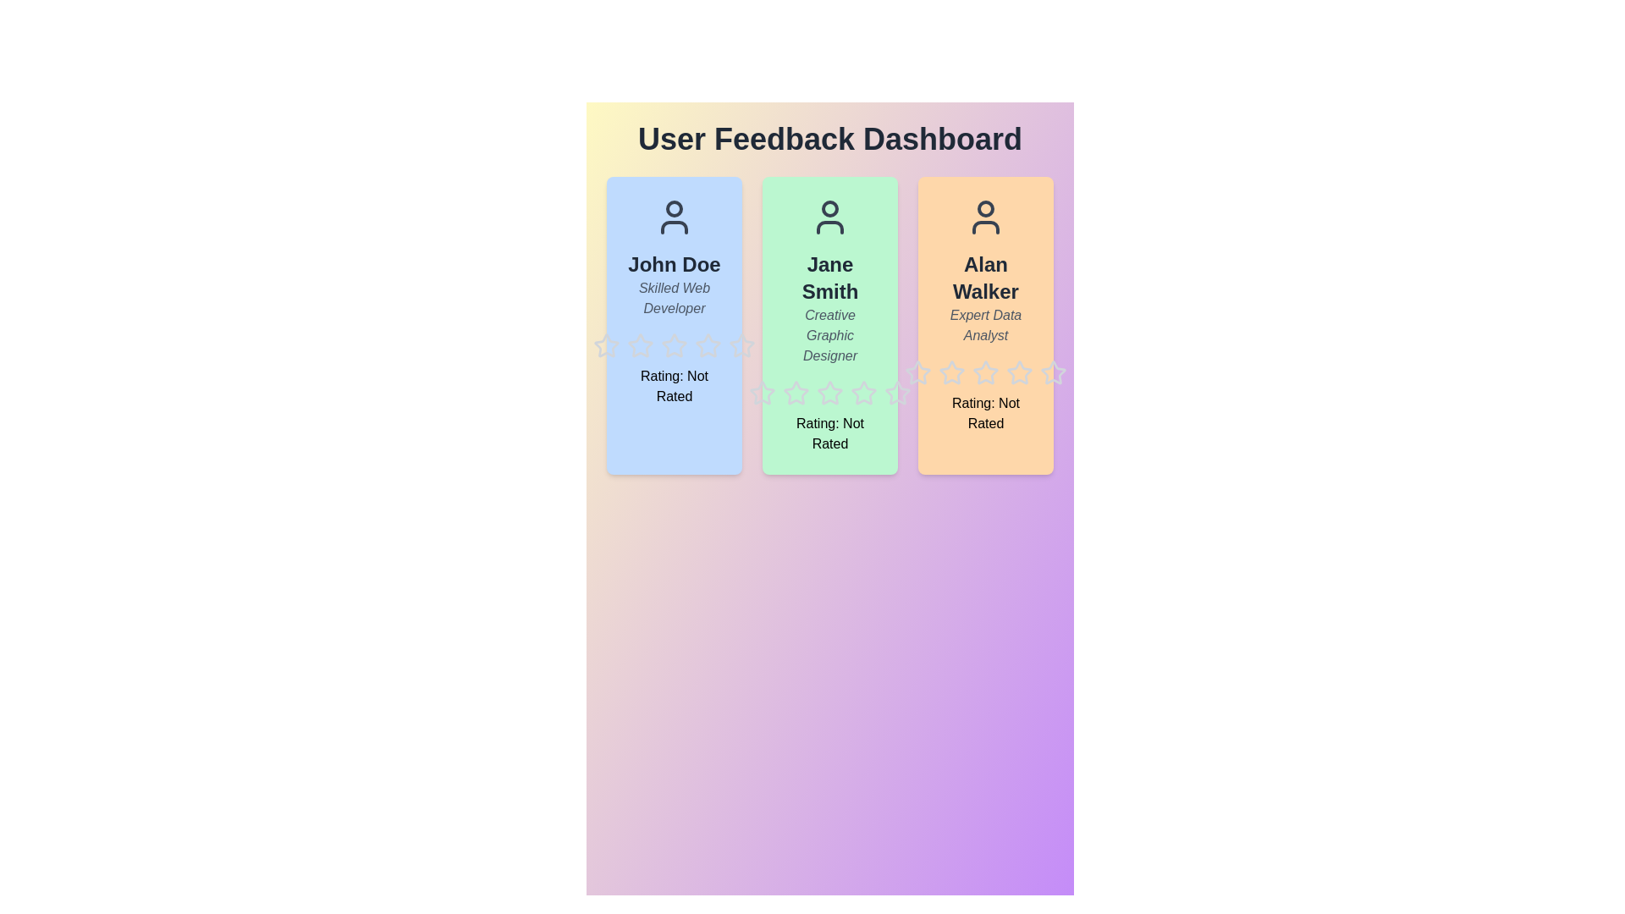 The width and height of the screenshot is (1625, 914). What do you see at coordinates (972, 358) in the screenshot?
I see `the star icon corresponding to 3 for user Alan Walker` at bounding box center [972, 358].